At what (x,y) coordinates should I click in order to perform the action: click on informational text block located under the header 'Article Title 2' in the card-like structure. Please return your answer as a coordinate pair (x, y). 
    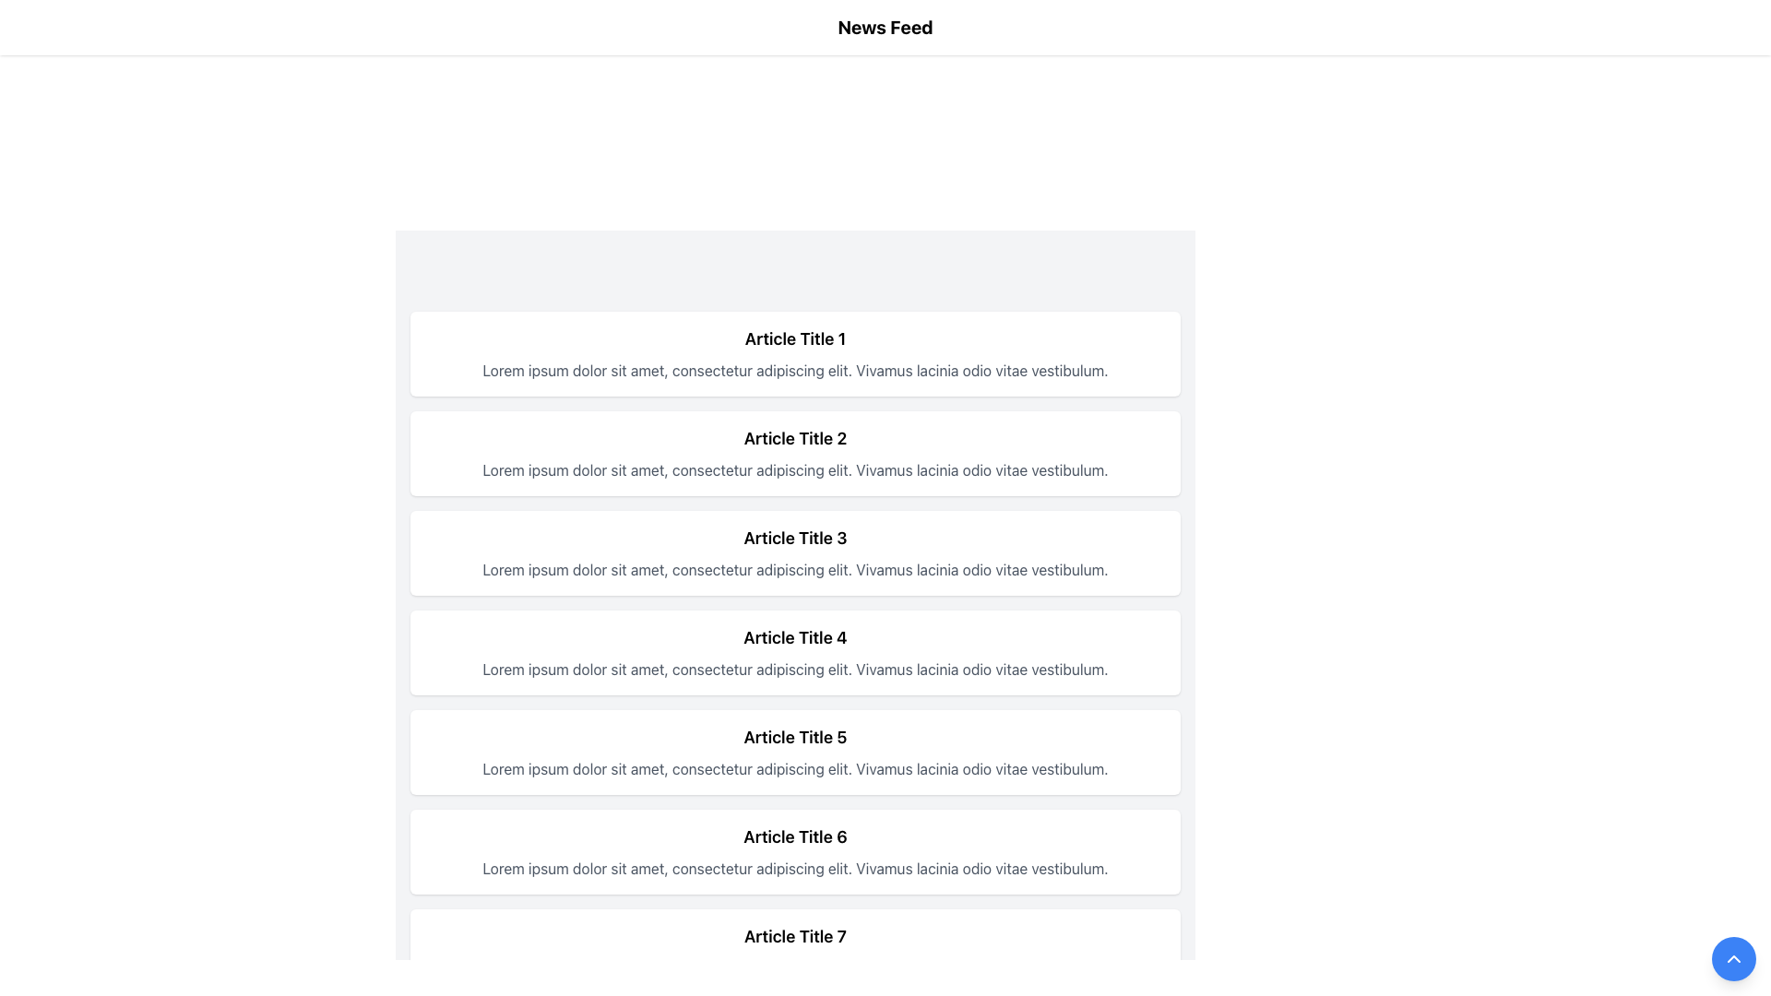
    Looking at the image, I should click on (795, 468).